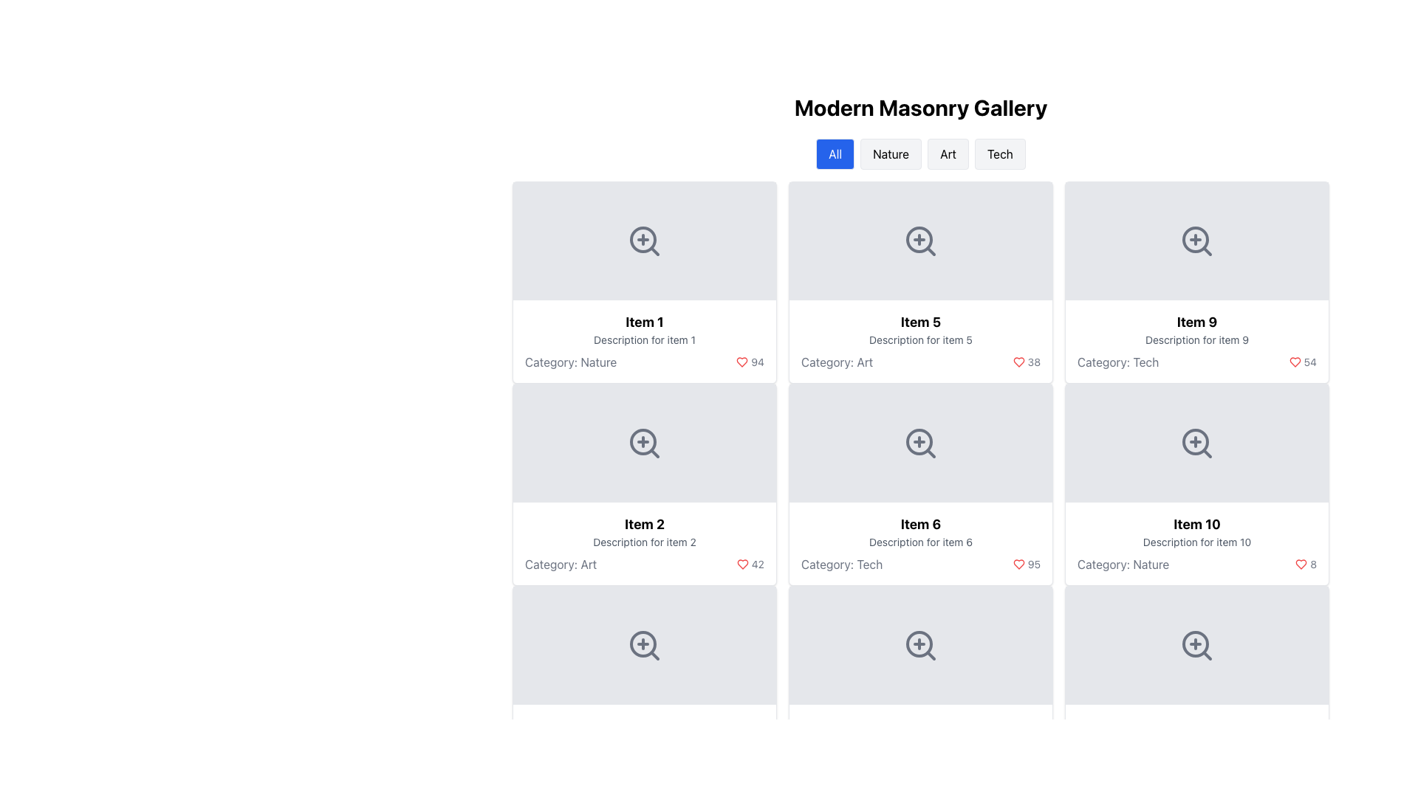 This screenshot has width=1418, height=797. I want to click on the fourth button in the horizontal row of buttons under 'Modern Masonry Gallery', so click(1000, 153).